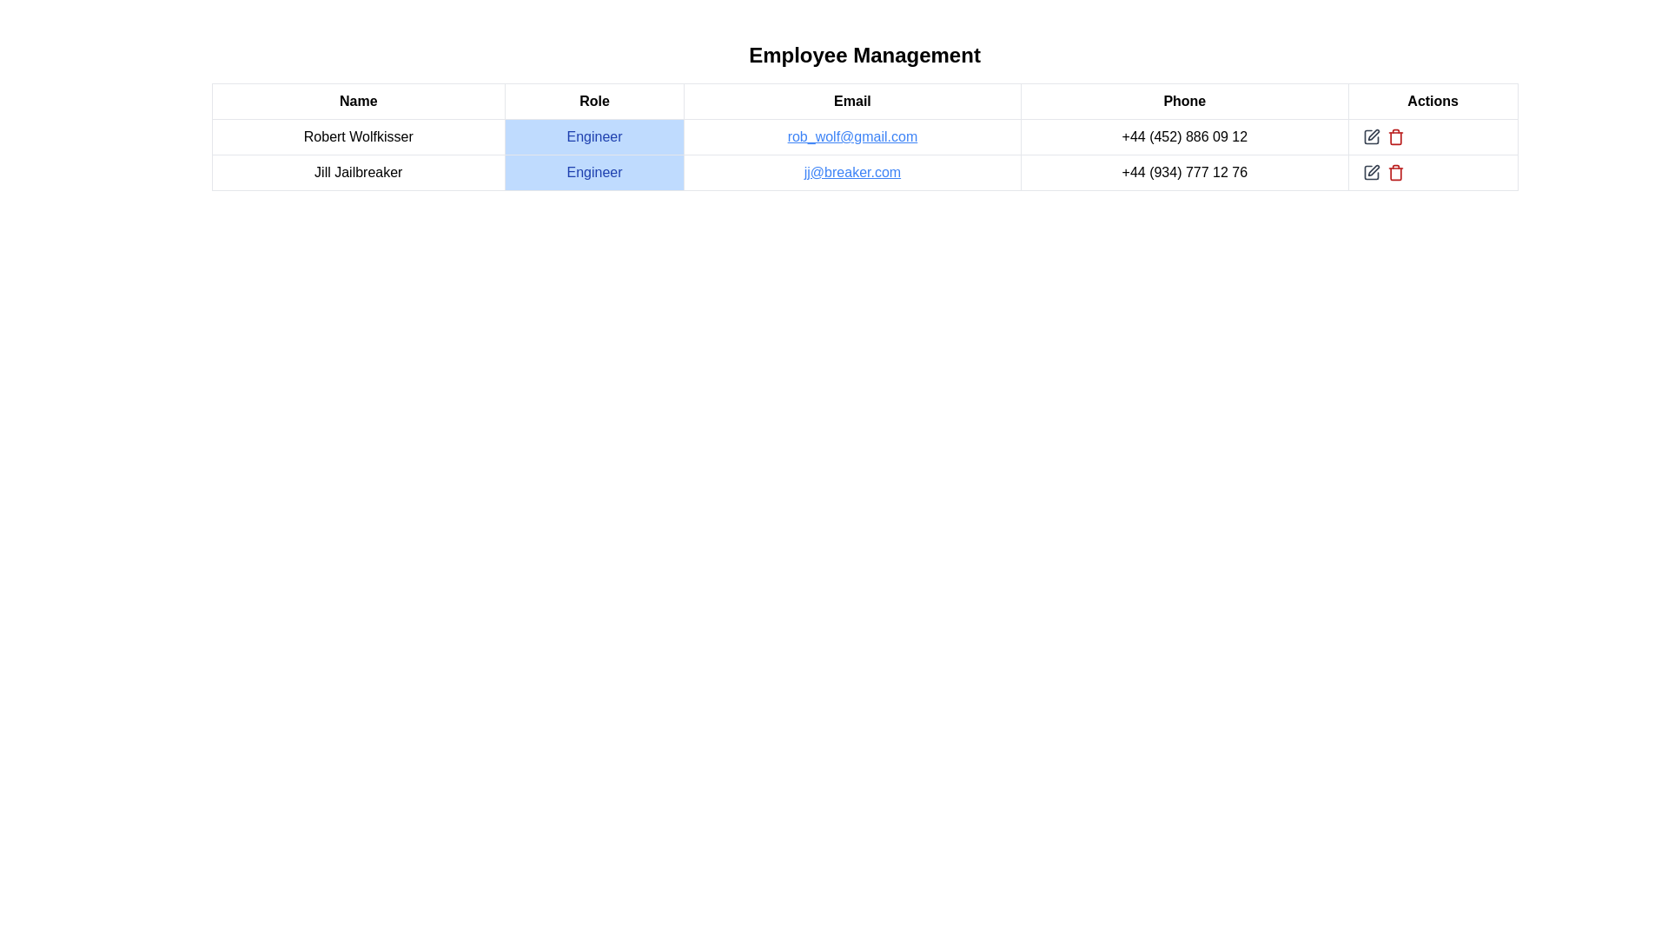 This screenshot has width=1668, height=938. Describe the element at coordinates (1370, 173) in the screenshot. I see `the edit icon button located in the 'Actions' column of the second row in the table` at that location.